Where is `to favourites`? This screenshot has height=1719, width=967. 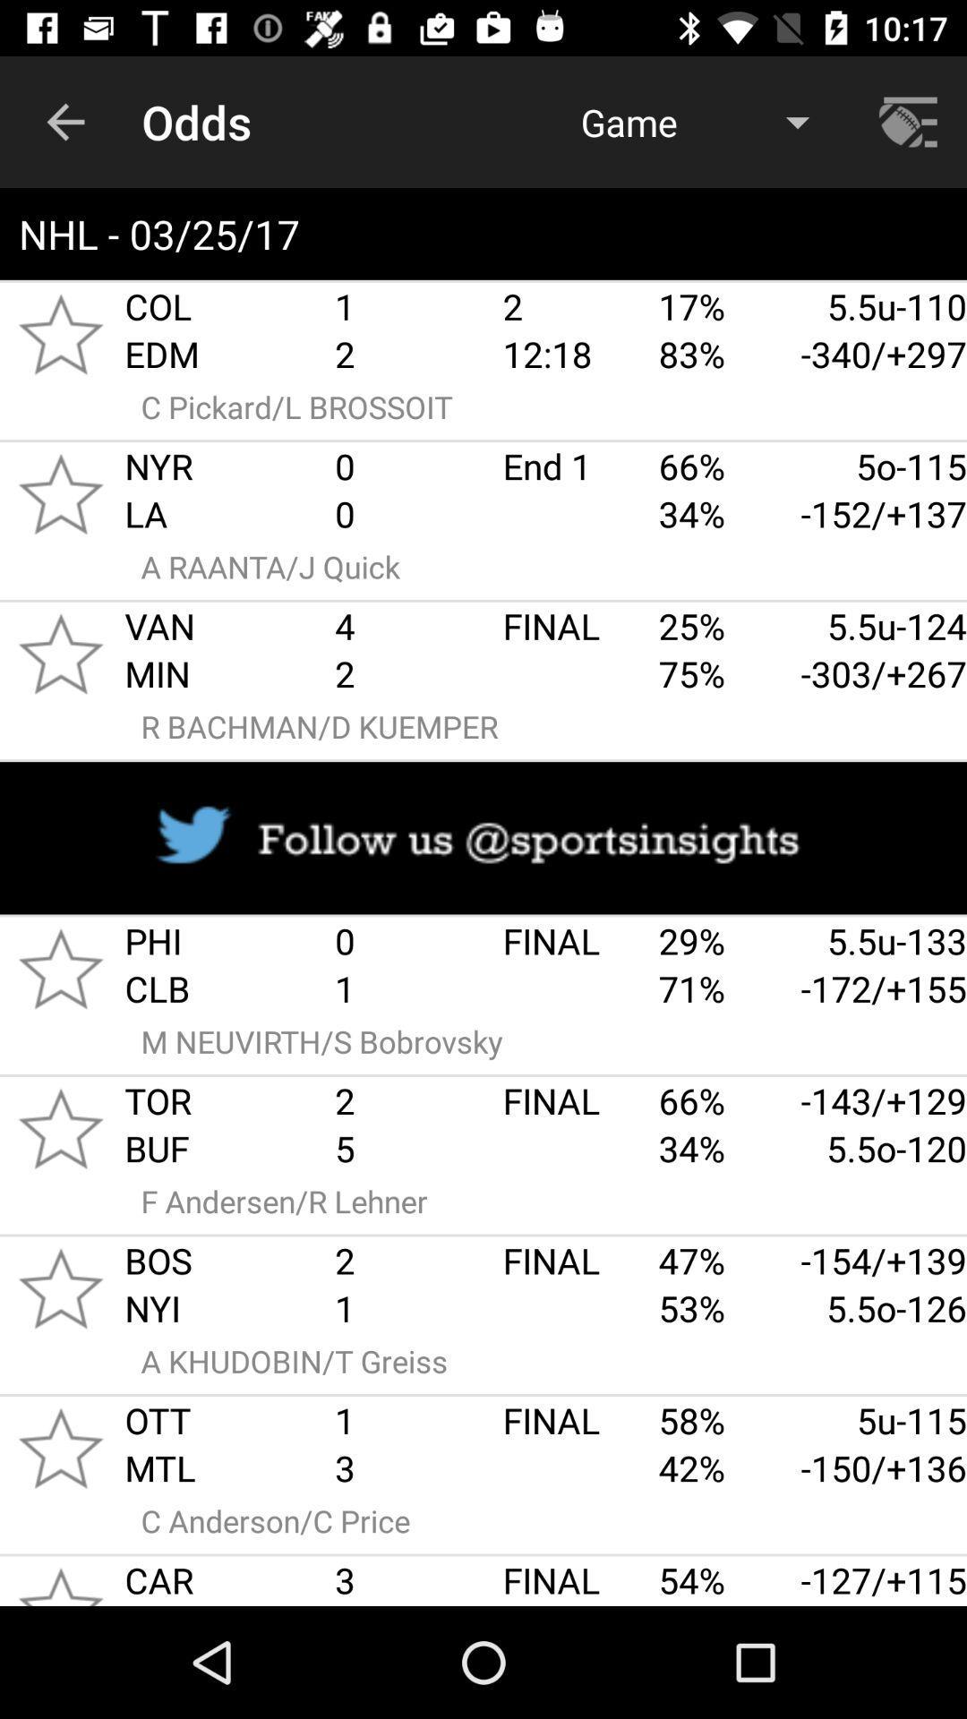 to favourites is located at coordinates (60, 334).